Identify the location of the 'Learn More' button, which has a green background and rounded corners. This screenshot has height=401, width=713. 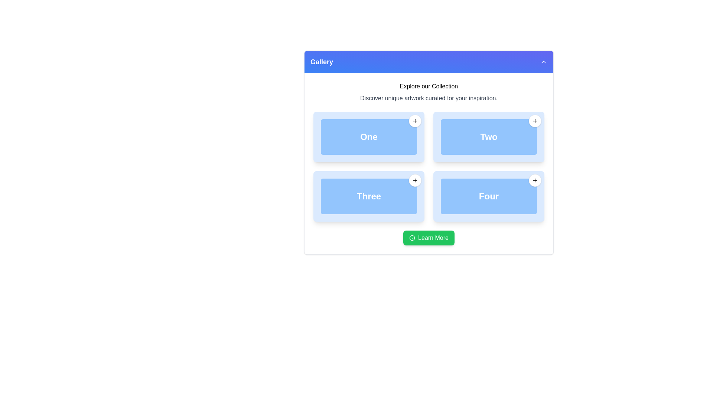
(429, 238).